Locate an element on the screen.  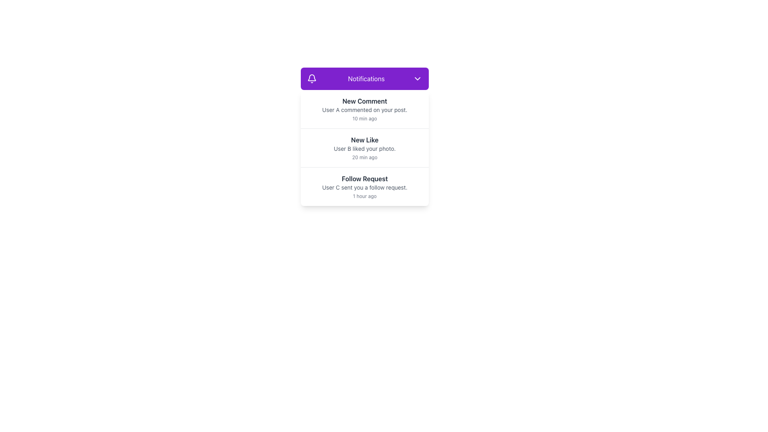
the text label displaying the notification message that 'User B' has liked the photo, which is located beneath the title 'New Like' and above '20 min ago' is located at coordinates (364, 148).